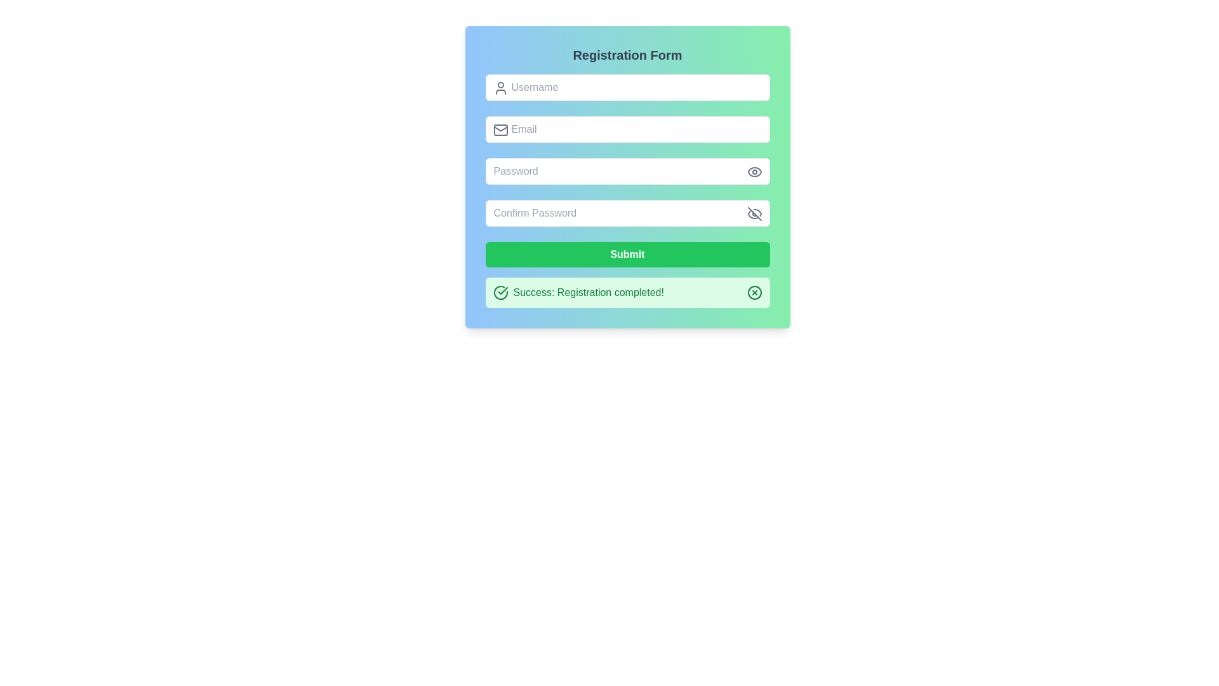 The image size is (1219, 686). What do you see at coordinates (754, 293) in the screenshot?
I see `the circular close button with a green border and centered 'X' mark` at bounding box center [754, 293].